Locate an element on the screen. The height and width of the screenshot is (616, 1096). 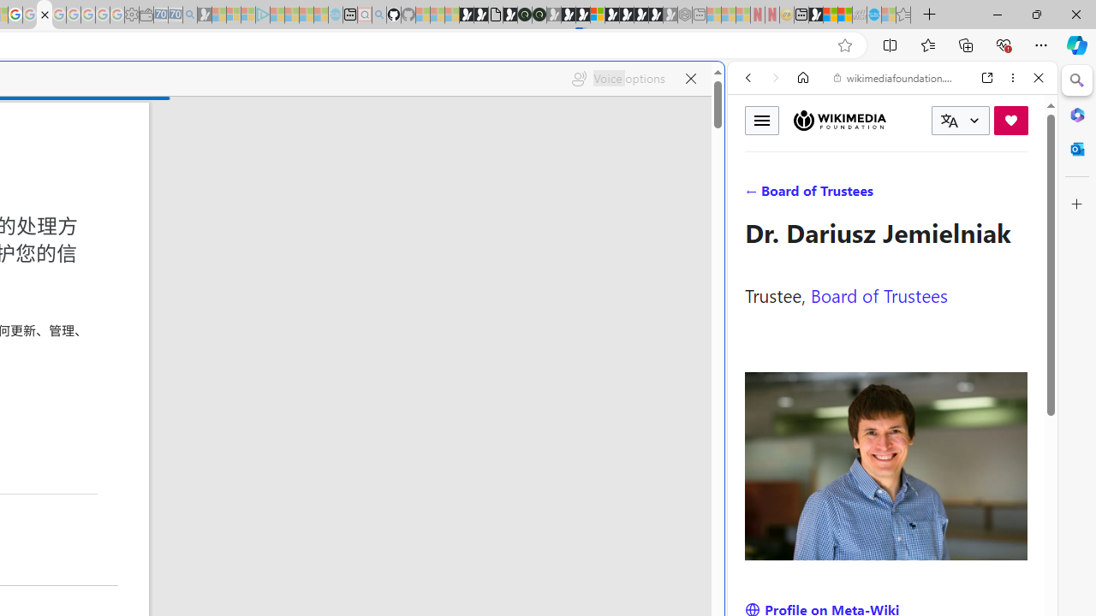
'google_privacy_policy_zh-CN.pdf' is located at coordinates (44, 15).